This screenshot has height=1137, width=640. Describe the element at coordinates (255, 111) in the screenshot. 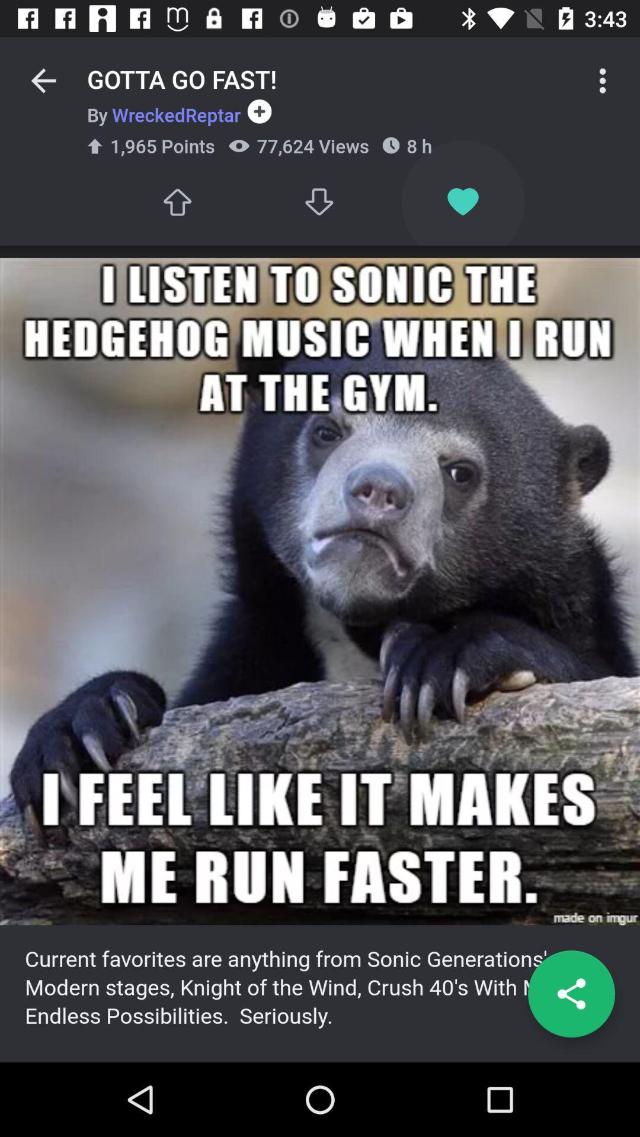

I see `the icon to the right of by wreckedreptar item` at that location.